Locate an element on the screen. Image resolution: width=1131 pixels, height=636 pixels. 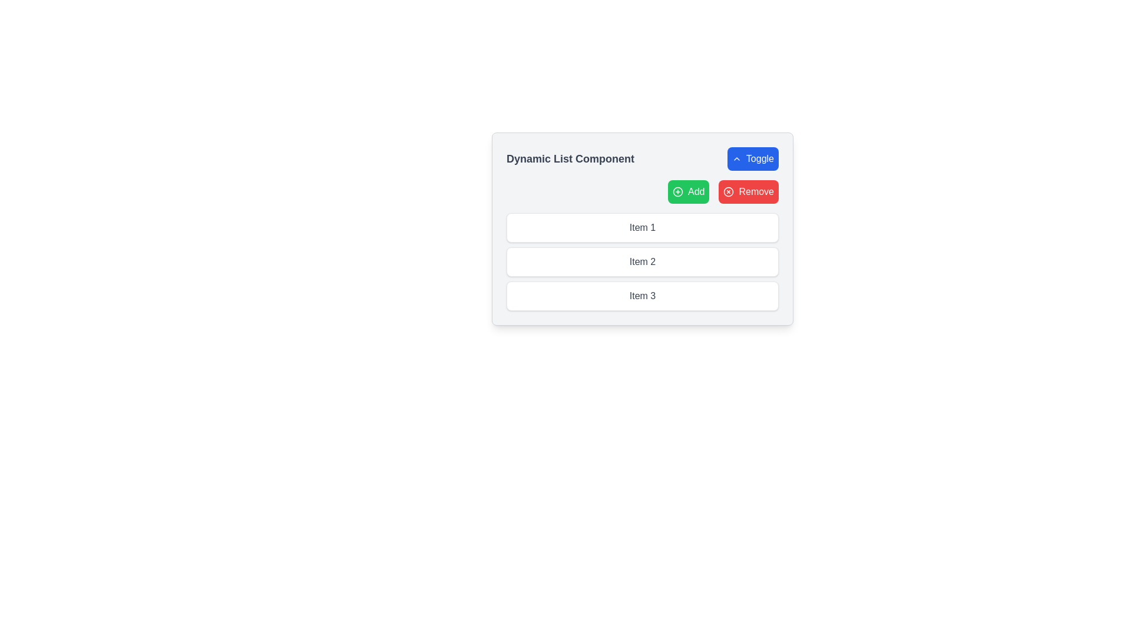
the 'Dynamic List Component' title in the Collapsible Header Bar for accessibility by clicking on its center point is located at coordinates (641, 159).